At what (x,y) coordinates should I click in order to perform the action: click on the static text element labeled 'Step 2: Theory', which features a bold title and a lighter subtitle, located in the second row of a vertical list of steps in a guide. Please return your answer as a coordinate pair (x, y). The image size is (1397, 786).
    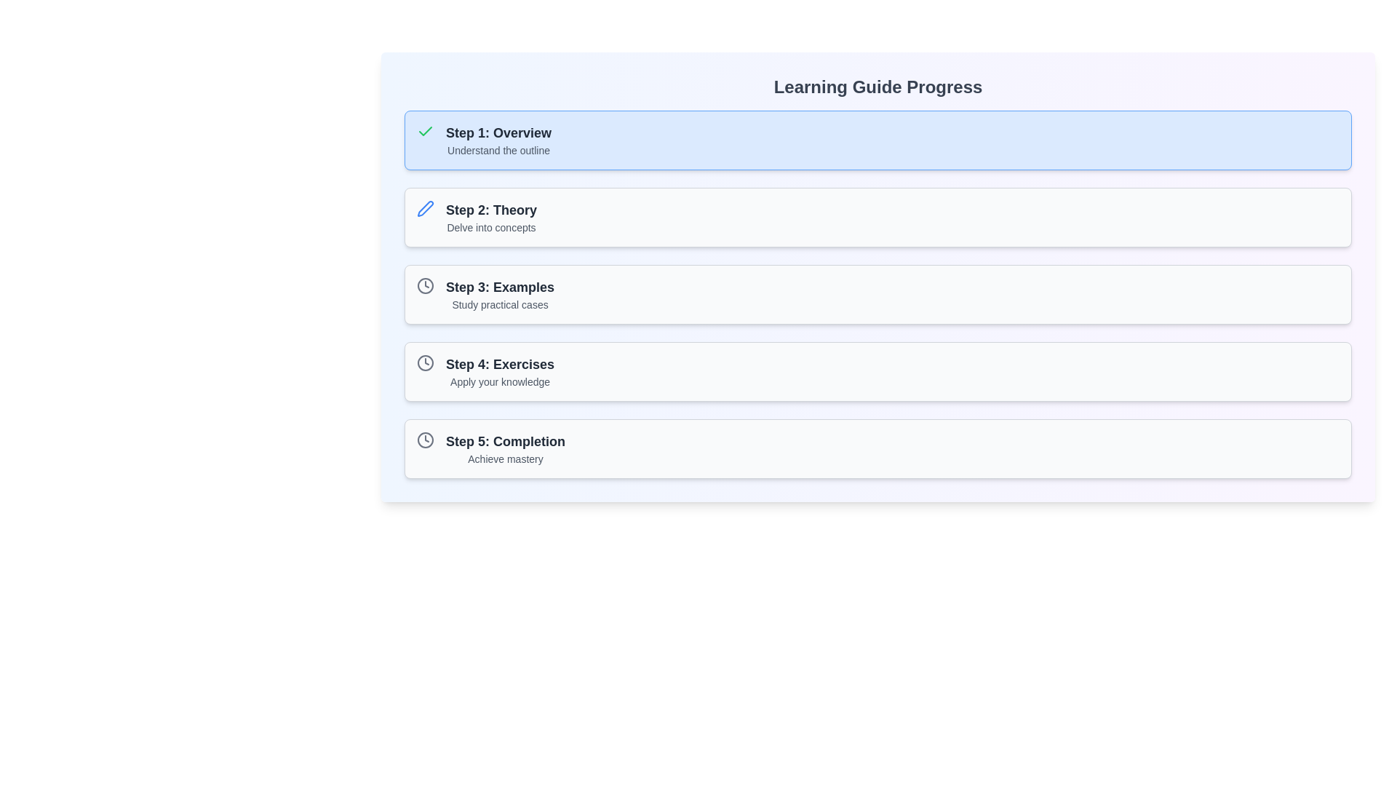
    Looking at the image, I should click on (491, 218).